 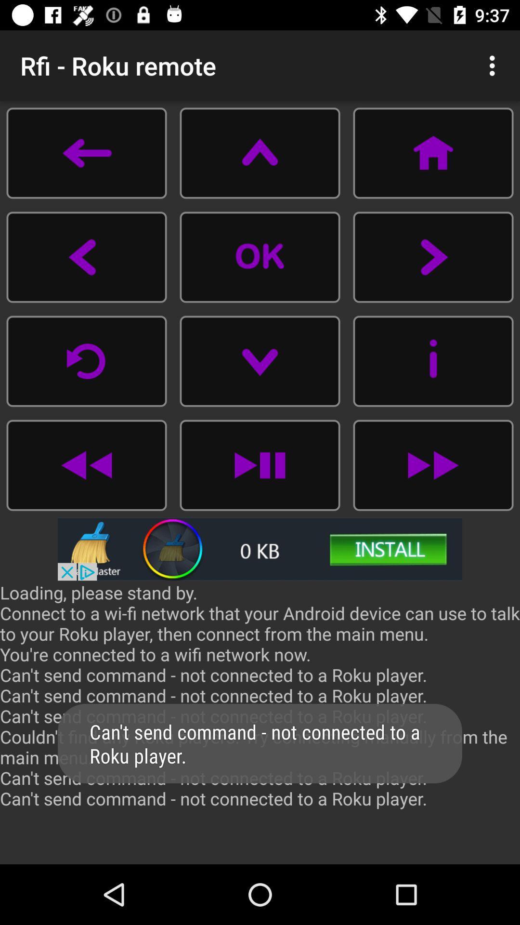 I want to click on up option, so click(x=260, y=152).